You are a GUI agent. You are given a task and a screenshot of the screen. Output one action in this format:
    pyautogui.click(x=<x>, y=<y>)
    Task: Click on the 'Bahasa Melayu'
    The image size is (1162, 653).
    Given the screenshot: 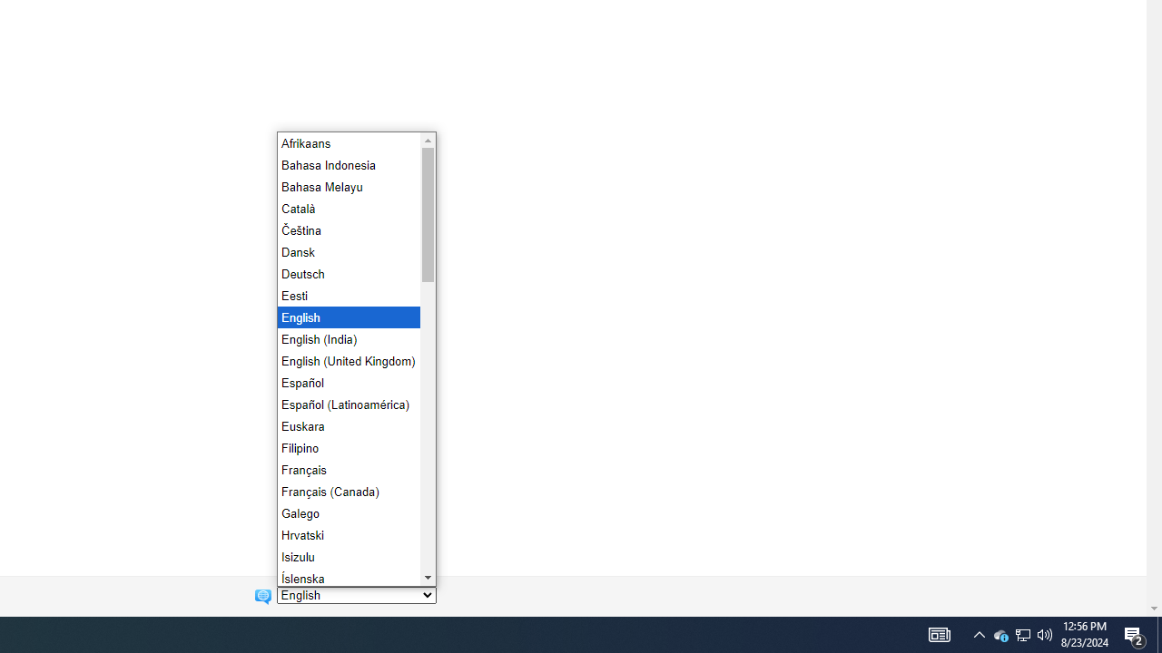 What is the action you would take?
    pyautogui.click(x=347, y=186)
    